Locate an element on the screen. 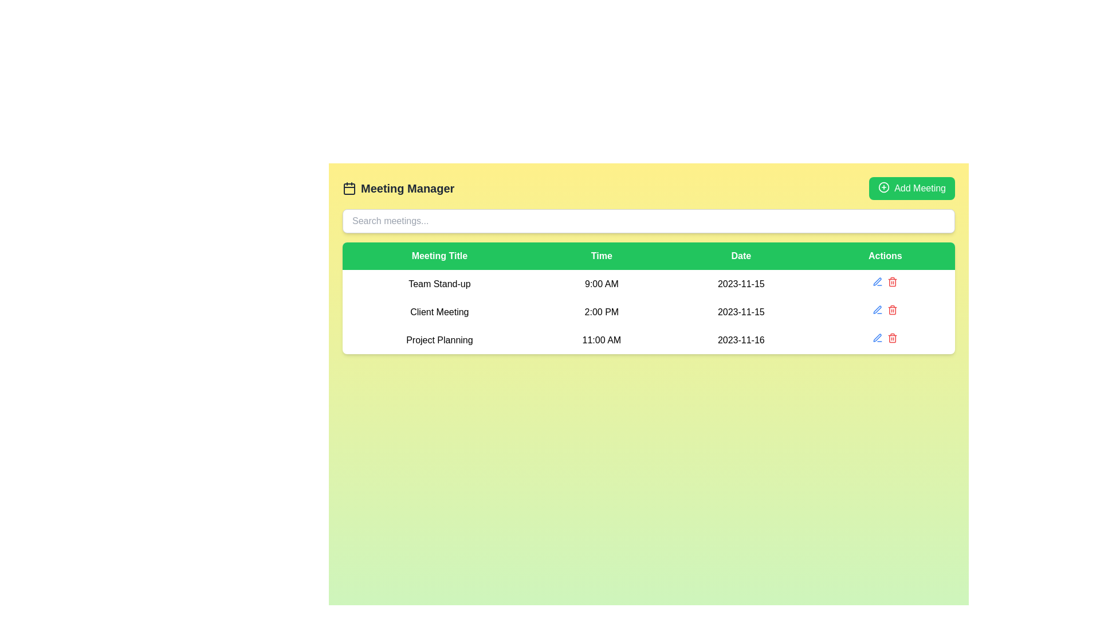 Image resolution: width=1100 pixels, height=619 pixels. first row of the meeting schedule table containing 'Team Stand-up', '9:00 AM', '2023-11-15', and its associated icons for editing and deleting is located at coordinates (649, 284).